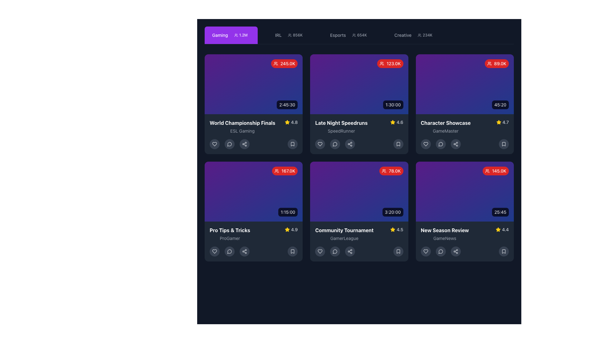 The width and height of the screenshot is (599, 337). Describe the element at coordinates (320, 251) in the screenshot. I see `the heart icon located in the second-to-last card of the bottom row in the grid of media content to mark it as favorite or like` at that location.